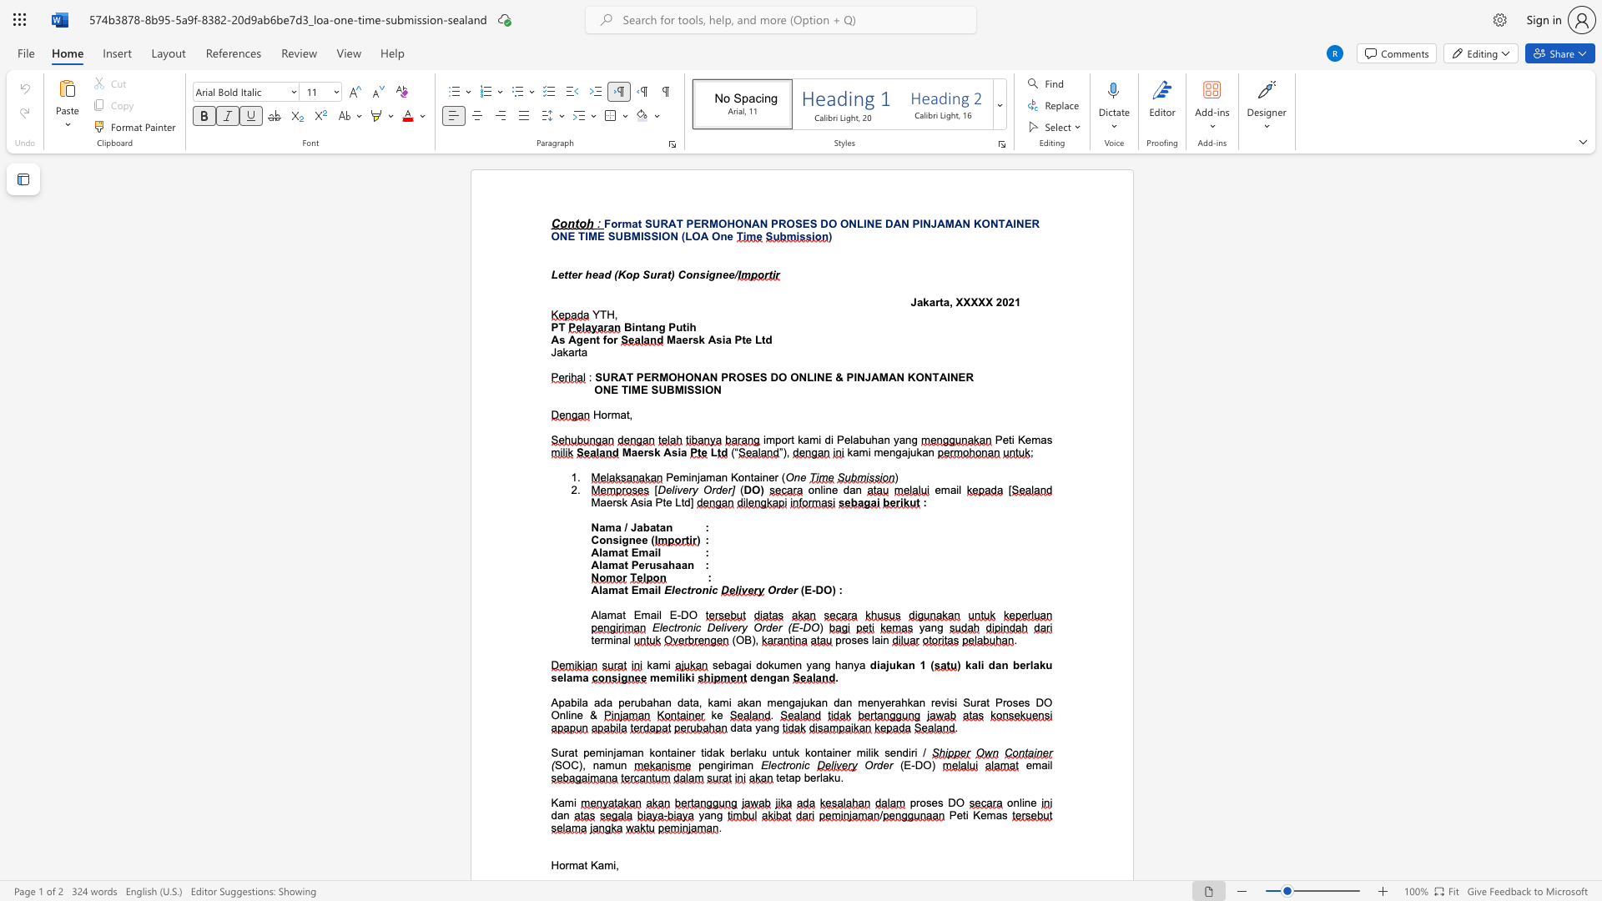  I want to click on the subset text "ntang Putih" within the text "Bintang Putih", so click(634, 327).